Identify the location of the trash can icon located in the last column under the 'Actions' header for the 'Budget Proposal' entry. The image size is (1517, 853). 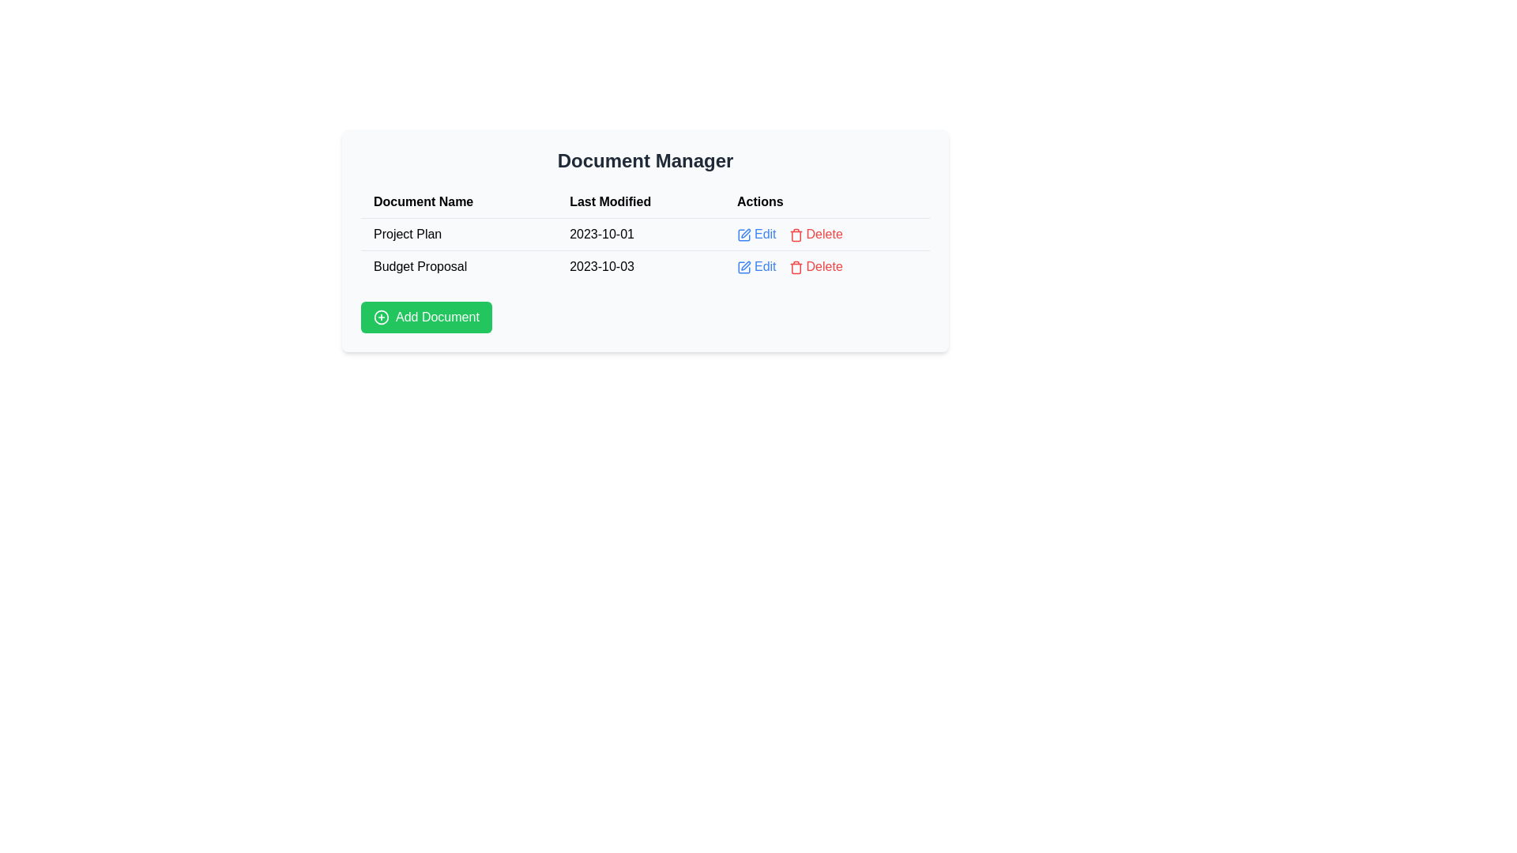
(796, 236).